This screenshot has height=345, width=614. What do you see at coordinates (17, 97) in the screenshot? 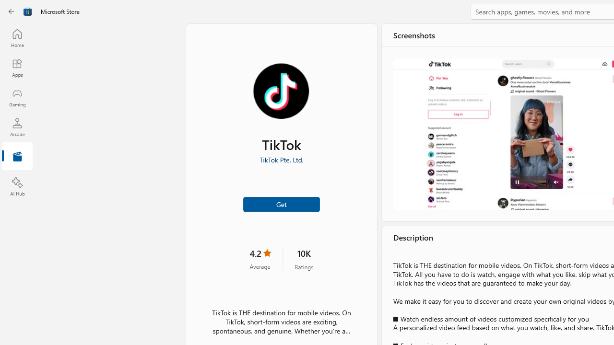
I see `'Gaming'` at bounding box center [17, 97].